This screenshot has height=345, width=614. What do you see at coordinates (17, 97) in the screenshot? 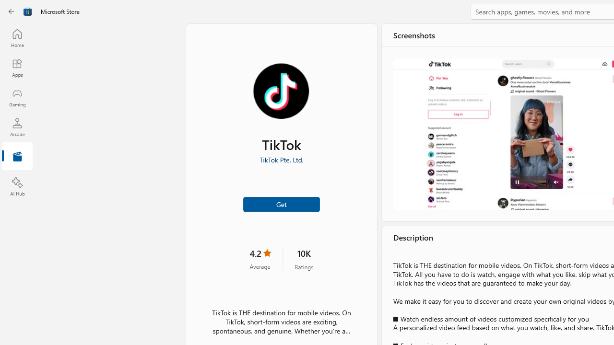
I see `'Gaming'` at bounding box center [17, 97].